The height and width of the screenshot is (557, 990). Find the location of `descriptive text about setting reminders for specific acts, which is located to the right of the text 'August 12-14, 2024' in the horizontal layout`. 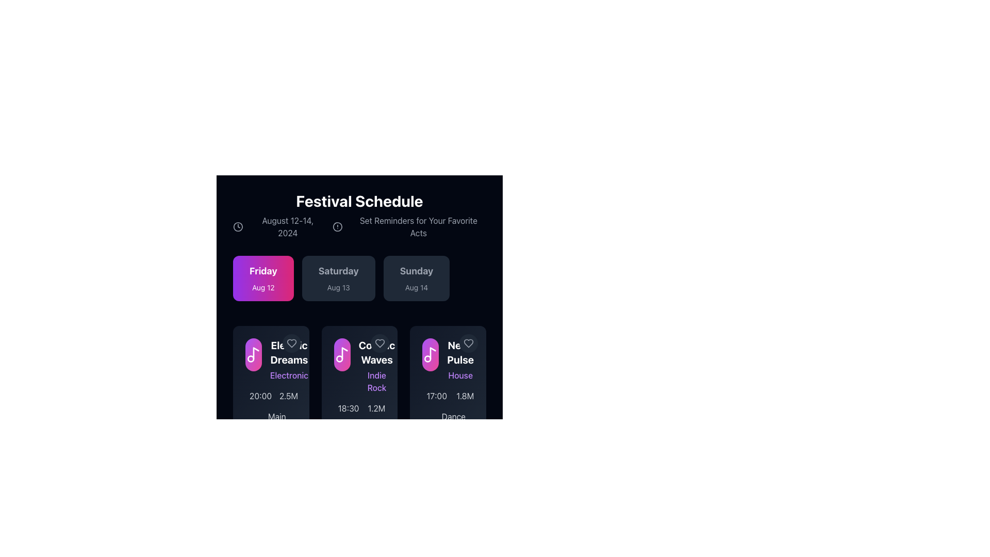

descriptive text about setting reminders for specific acts, which is located to the right of the text 'August 12-14, 2024' in the horizontal layout is located at coordinates (418, 226).